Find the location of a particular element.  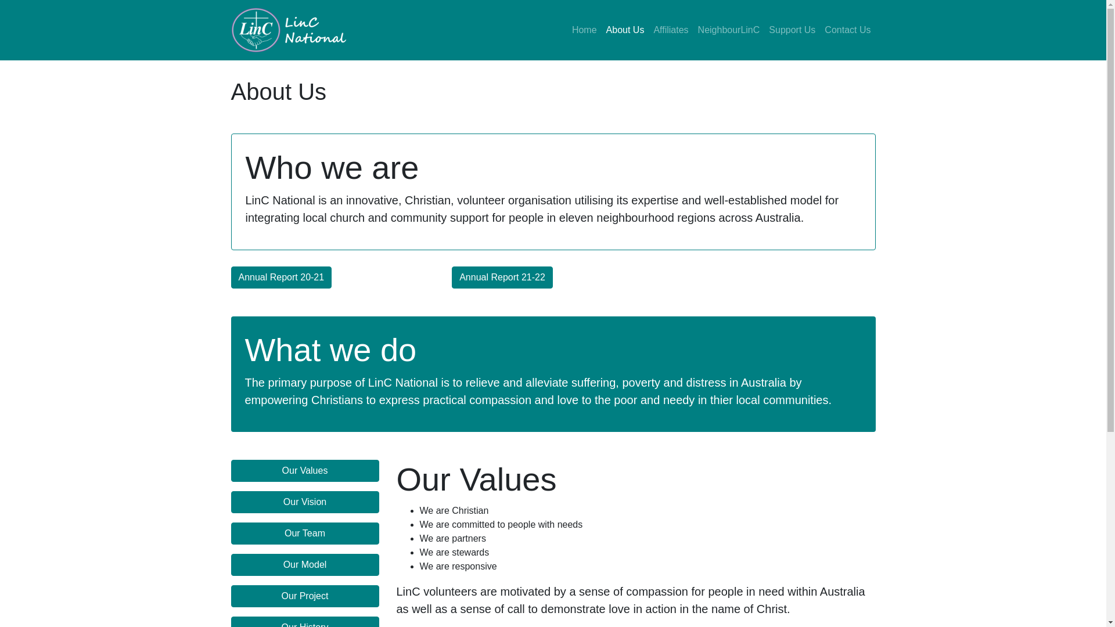

'Our Values' is located at coordinates (305, 470).